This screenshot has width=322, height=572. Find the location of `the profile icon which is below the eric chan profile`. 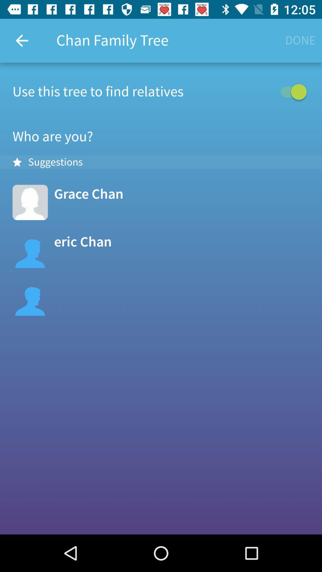

the profile icon which is below the eric chan profile is located at coordinates (30, 298).